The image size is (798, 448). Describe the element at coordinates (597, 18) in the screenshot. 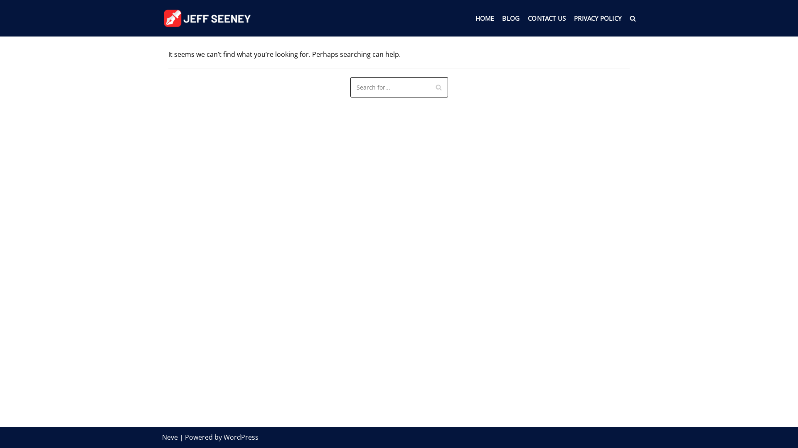

I see `'PRIVACY POLICY'` at that location.